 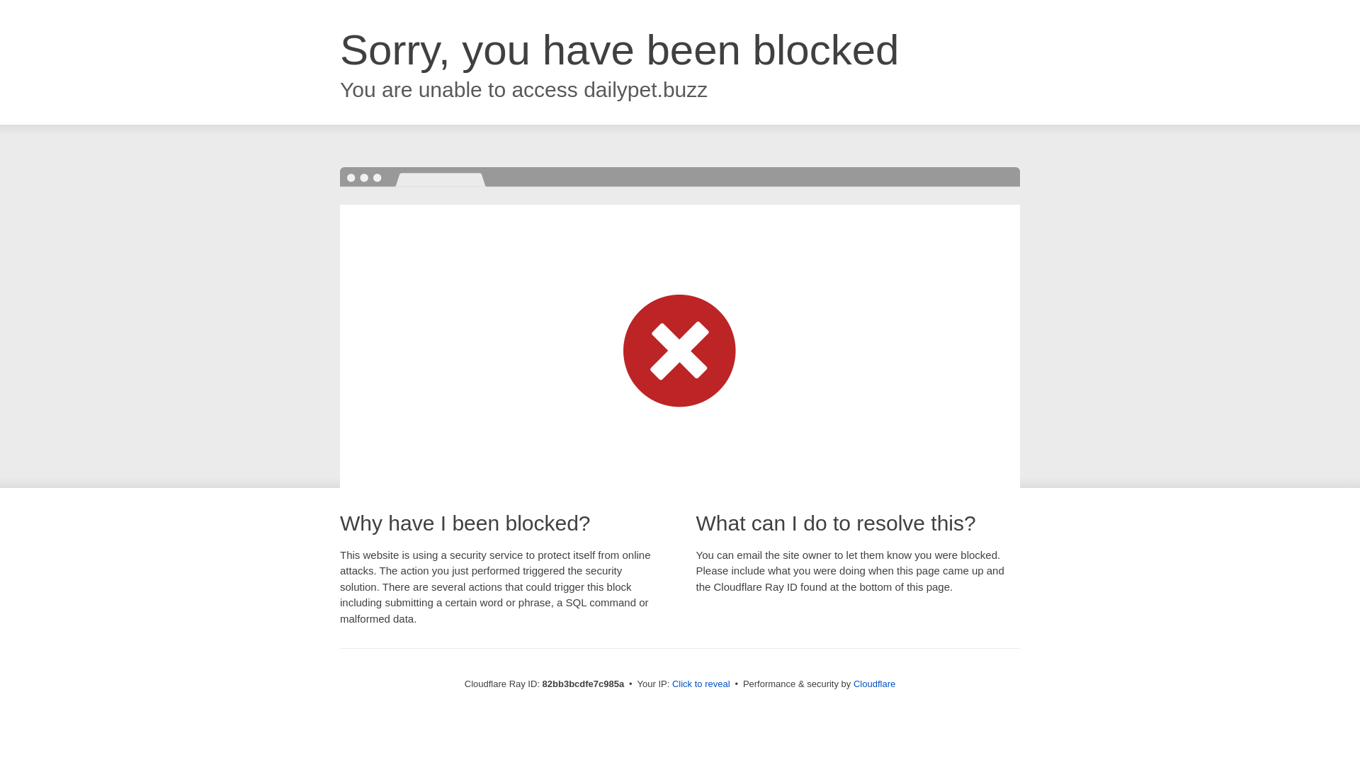 I want to click on 'Click to reveal', so click(x=701, y=683).